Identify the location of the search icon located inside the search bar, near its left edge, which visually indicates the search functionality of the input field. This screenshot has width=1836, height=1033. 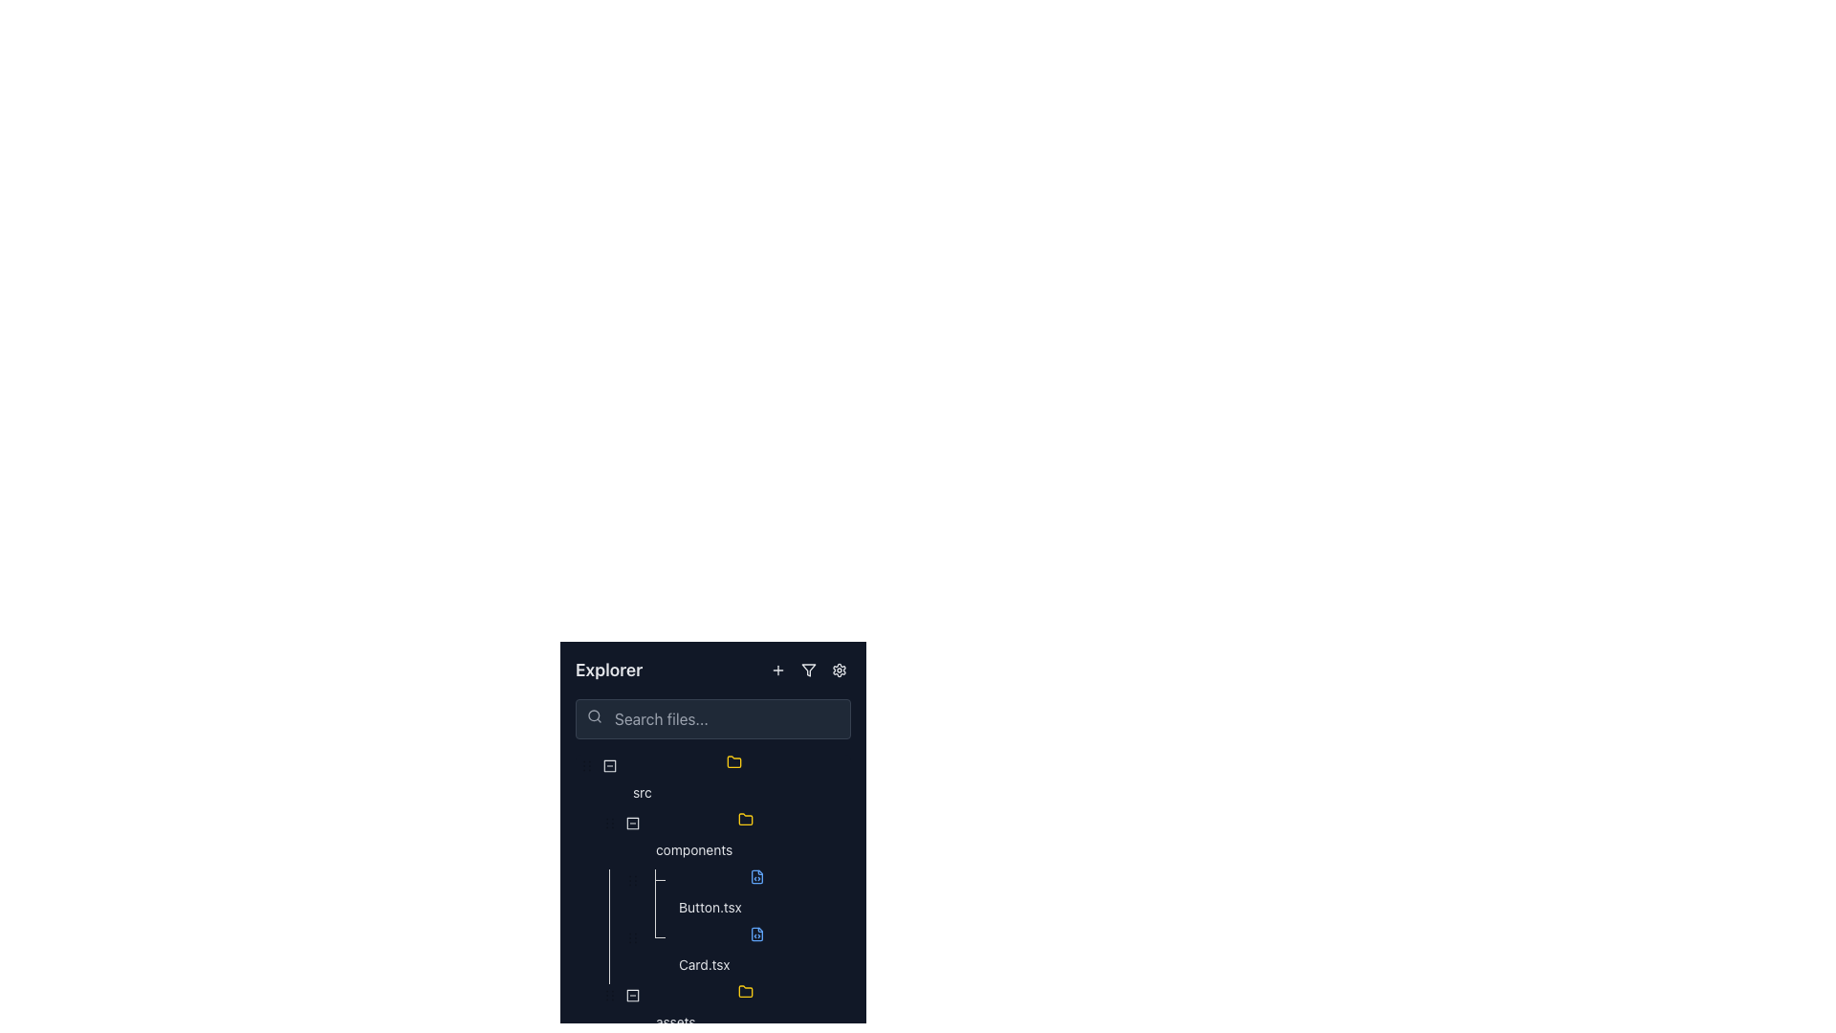
(594, 715).